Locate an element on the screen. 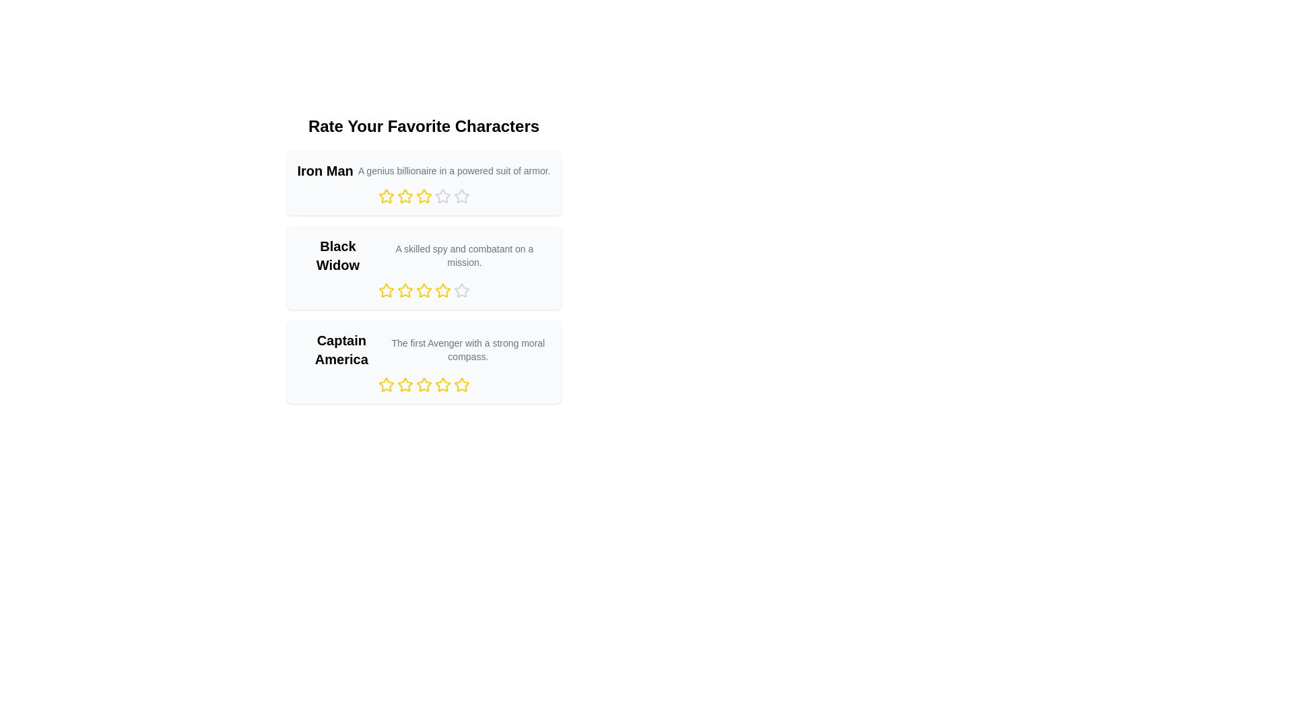 The image size is (1293, 727). the fifth star-shaped icon in yellow to rate 'Captain America' the highest value in the 5-star rating system is located at coordinates (461, 384).